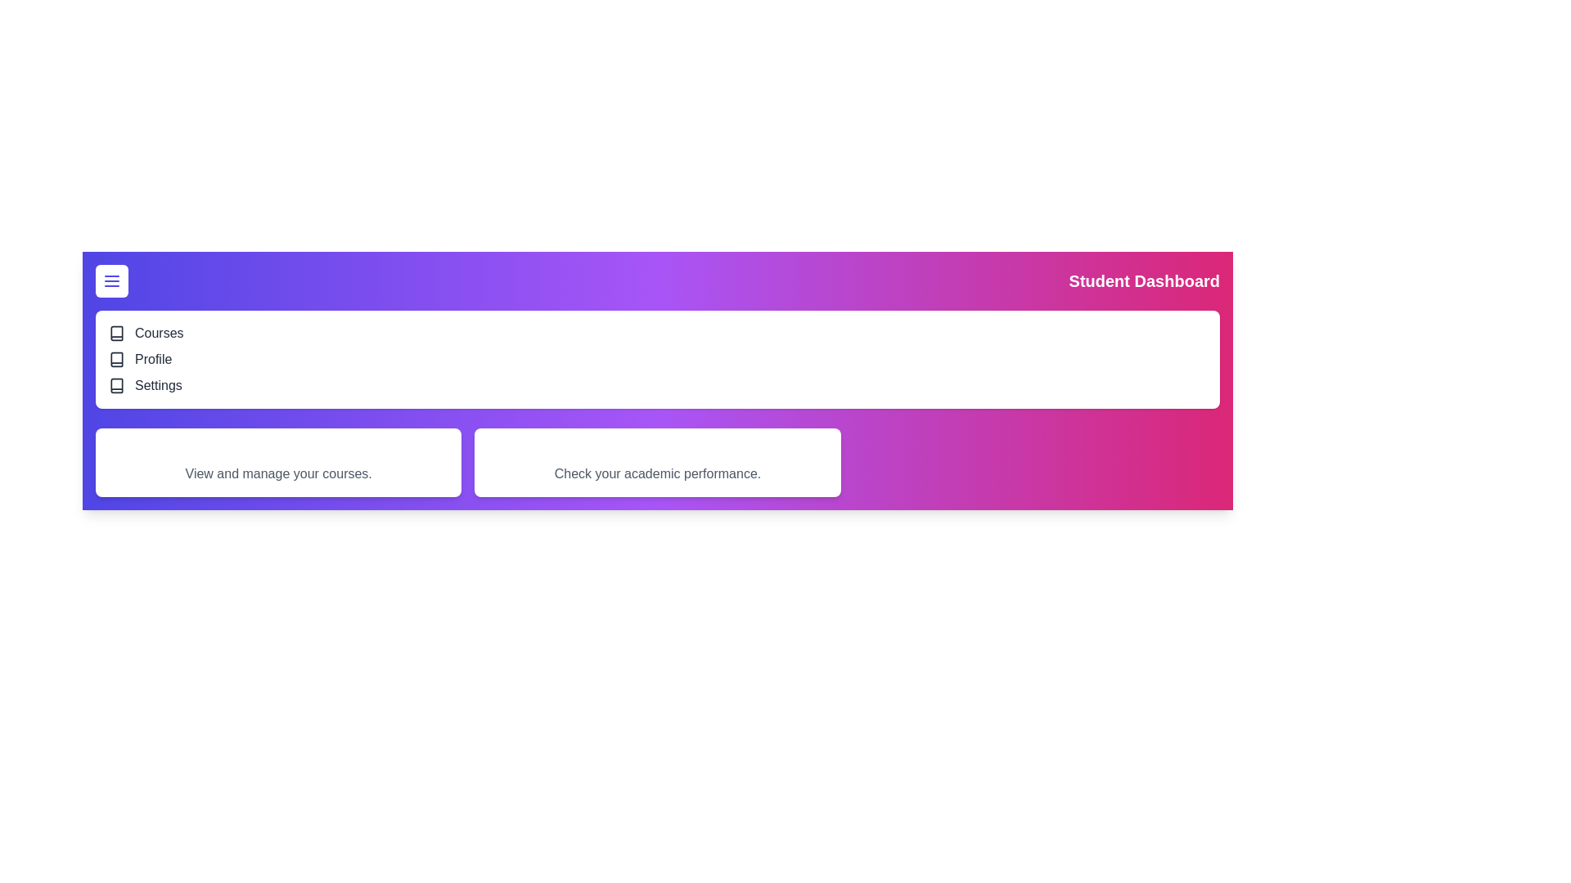  I want to click on the Courses card to interact with its content, so click(278, 463).